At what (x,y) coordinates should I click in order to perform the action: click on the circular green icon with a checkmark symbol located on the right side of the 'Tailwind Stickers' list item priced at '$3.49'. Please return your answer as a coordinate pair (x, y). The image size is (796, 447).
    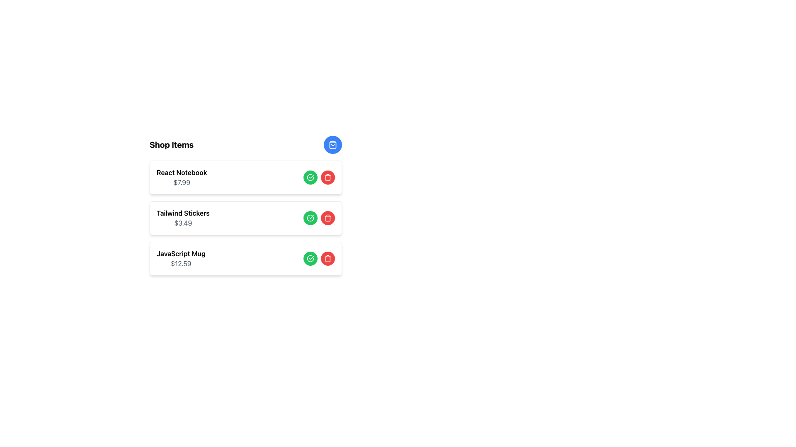
    Looking at the image, I should click on (310, 218).